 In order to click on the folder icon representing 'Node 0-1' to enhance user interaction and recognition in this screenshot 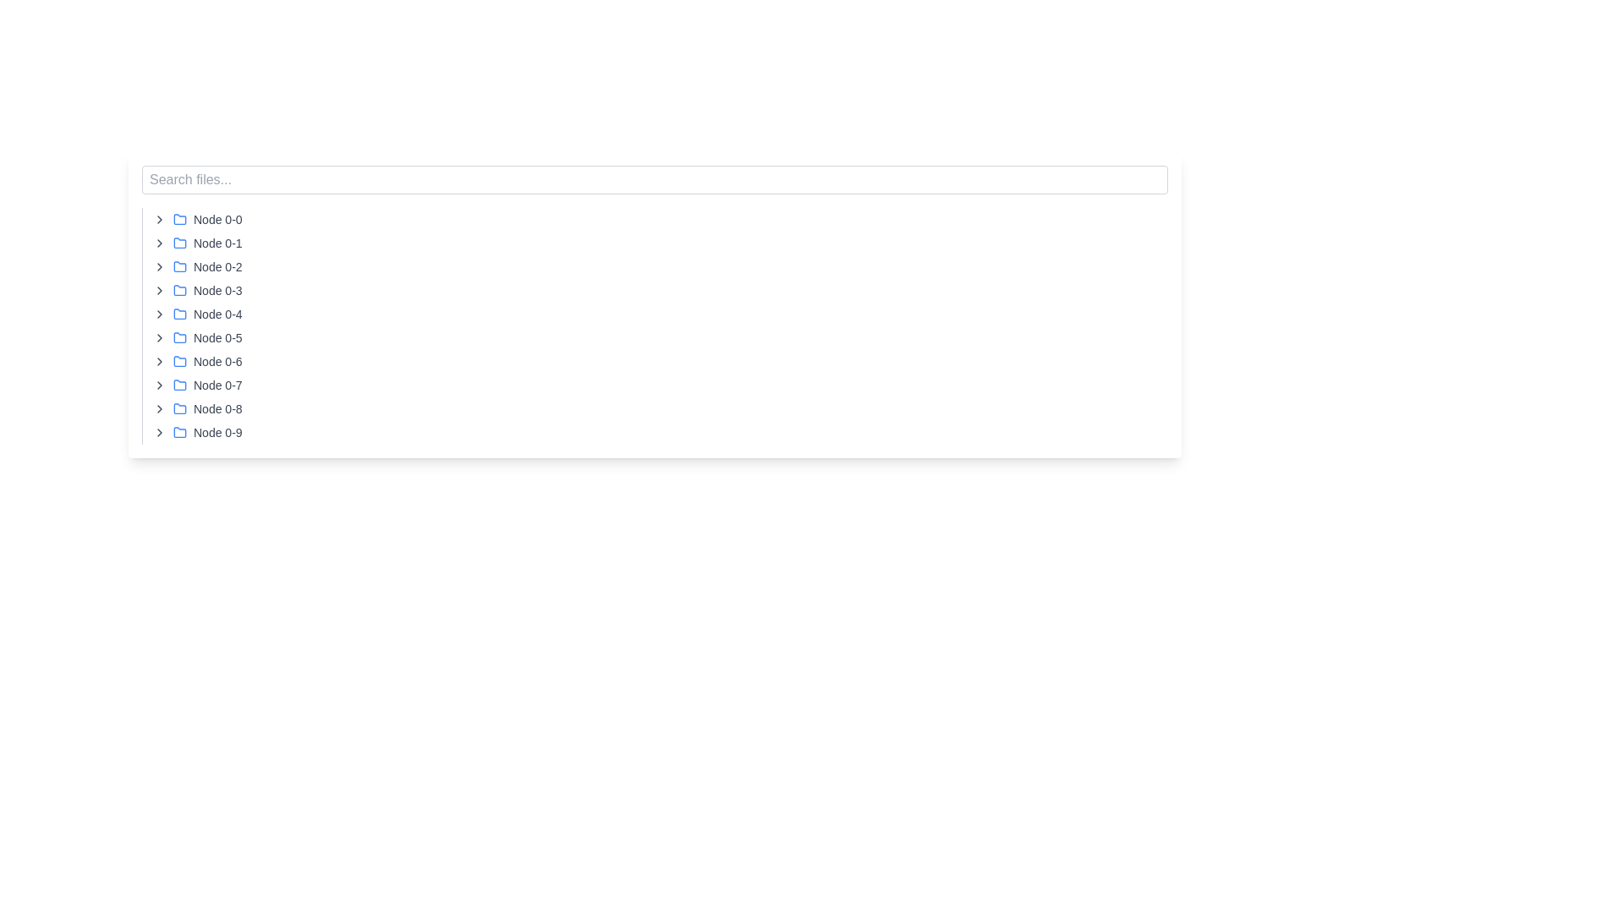, I will do `click(179, 243)`.